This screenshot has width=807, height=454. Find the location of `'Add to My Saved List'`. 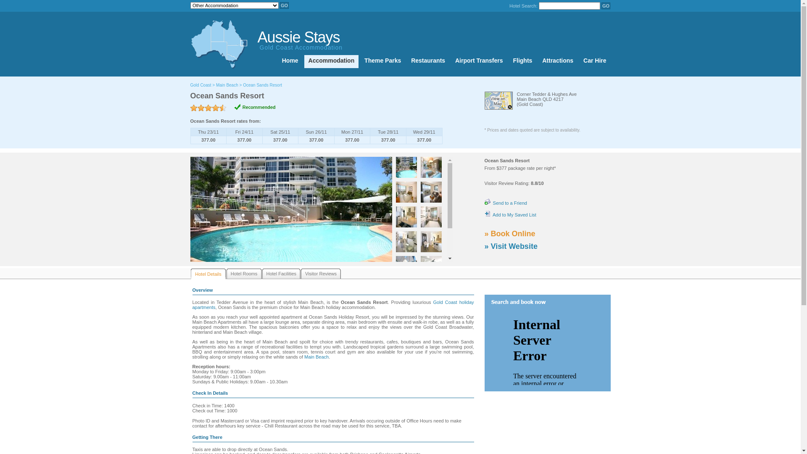

'Add to My Saved List' is located at coordinates (509, 214).